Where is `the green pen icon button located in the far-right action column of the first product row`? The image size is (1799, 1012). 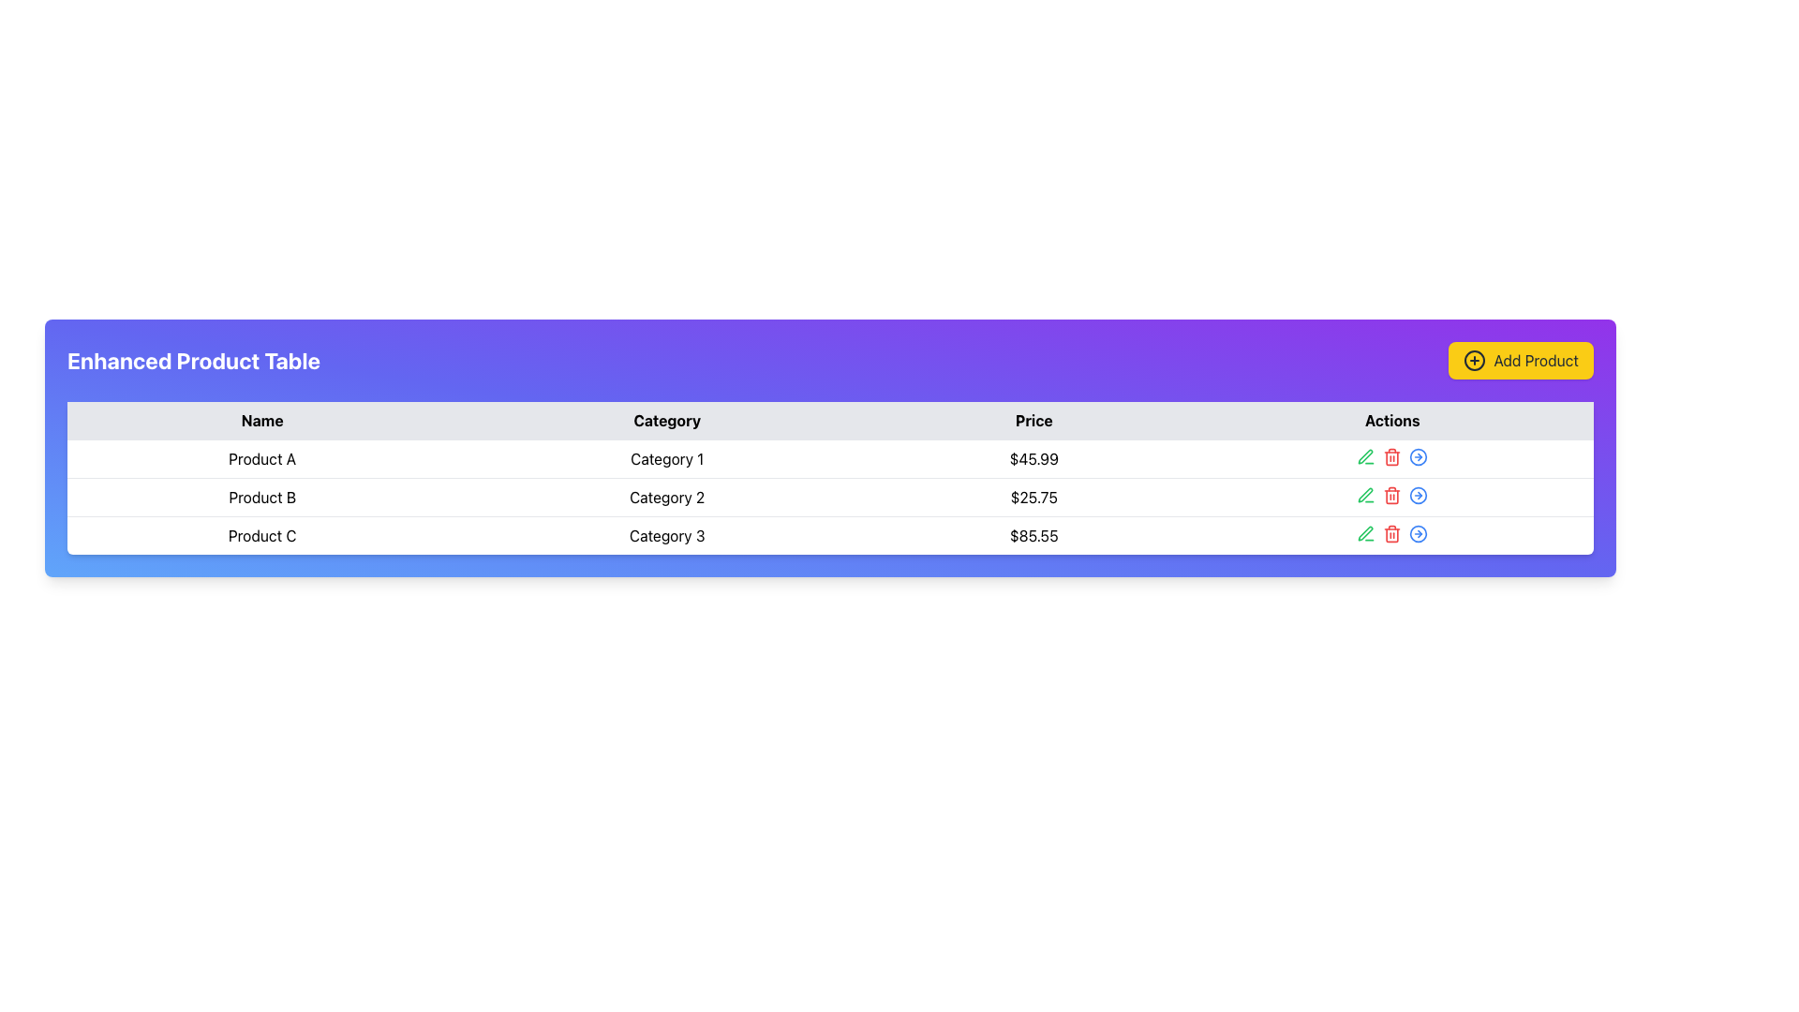
the green pen icon button located in the far-right action column of the first product row is located at coordinates (1366, 457).